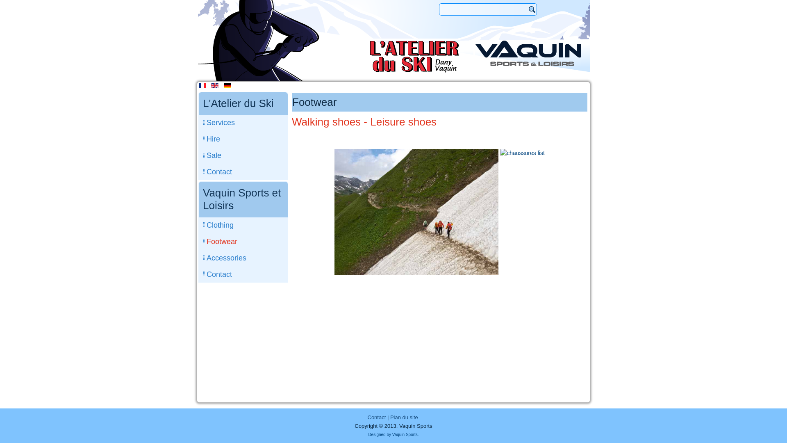  I want to click on 'English', so click(211, 85).